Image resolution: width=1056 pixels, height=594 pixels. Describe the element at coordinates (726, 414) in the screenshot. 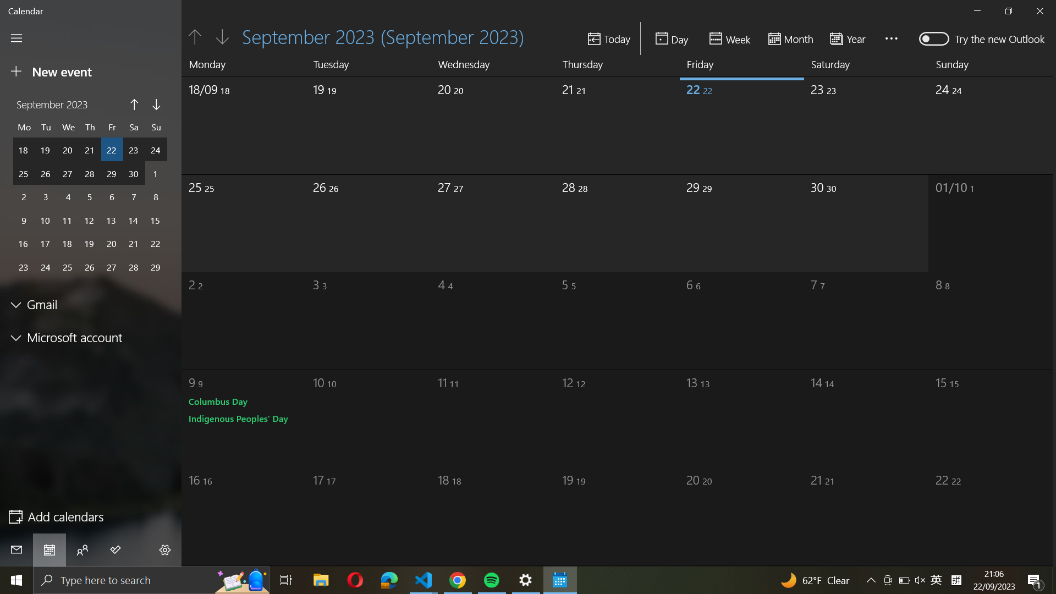

I see `Pick the date 13th October` at that location.